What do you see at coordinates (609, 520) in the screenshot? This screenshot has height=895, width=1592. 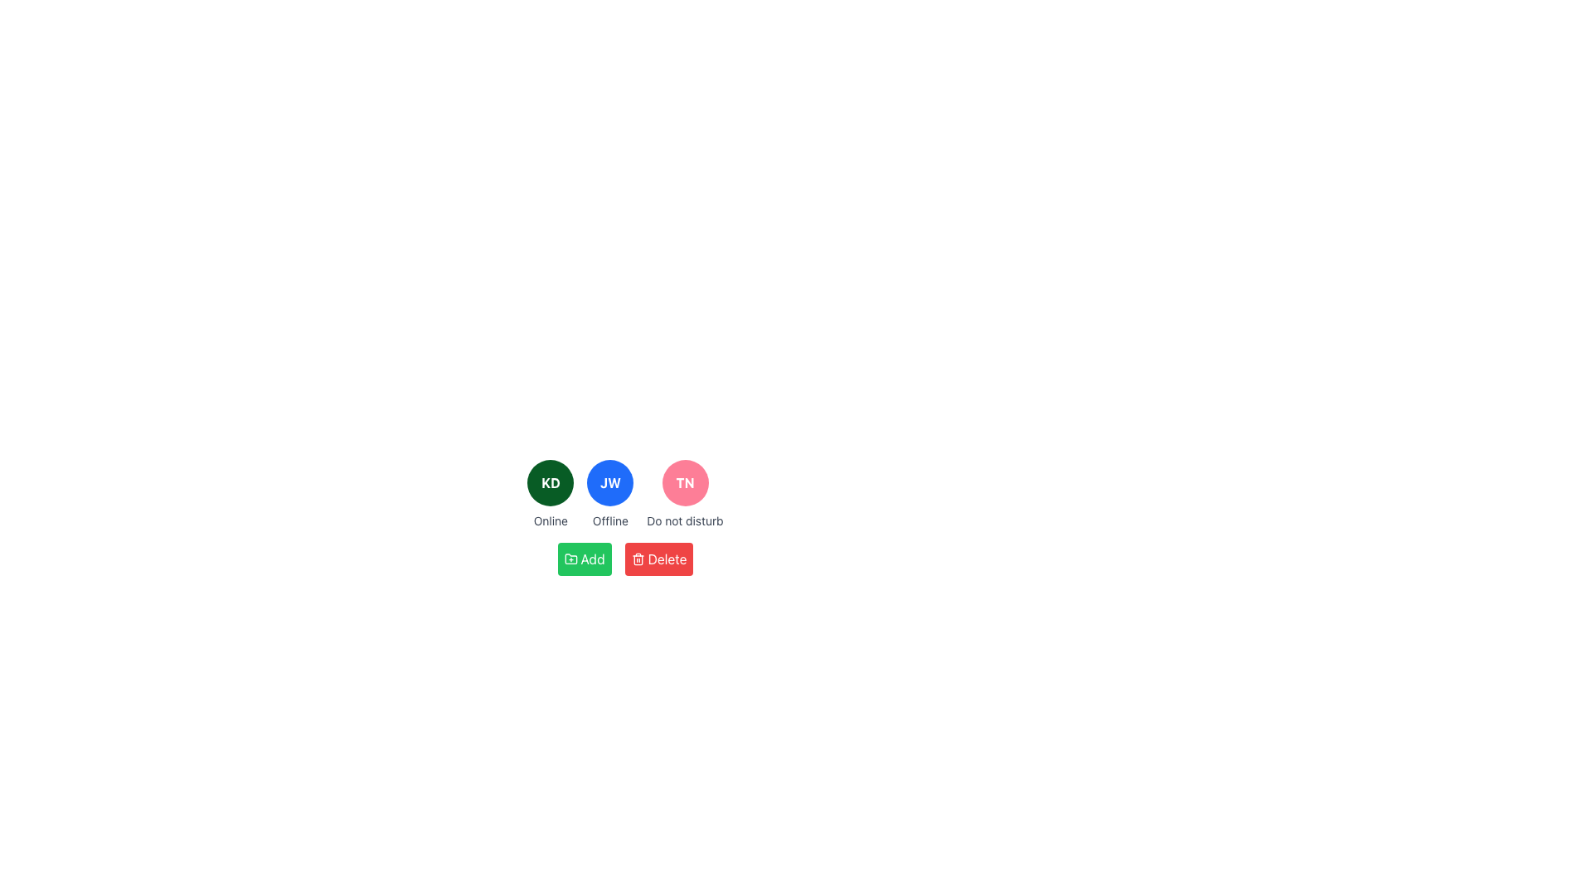 I see `the Text Label that indicates the status as 'Offline', positioned below the blue circular avatar labeled 'JW'` at bounding box center [609, 520].